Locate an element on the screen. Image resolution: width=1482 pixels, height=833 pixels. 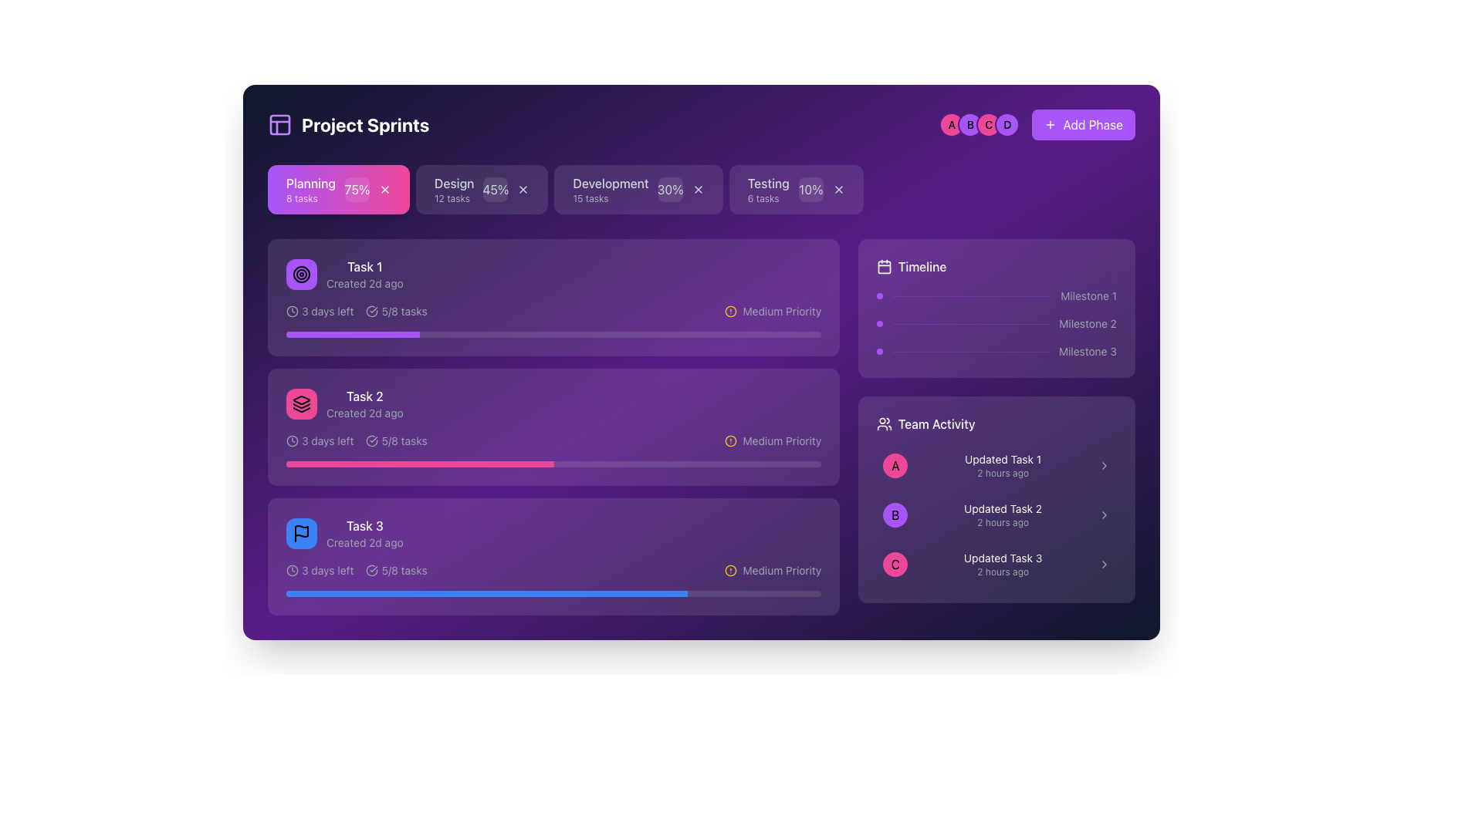
the milestone identifier text label located at the far right of the project timeline, which is part of a timeline component in the upper-right section of the interface is located at coordinates (1088, 296).